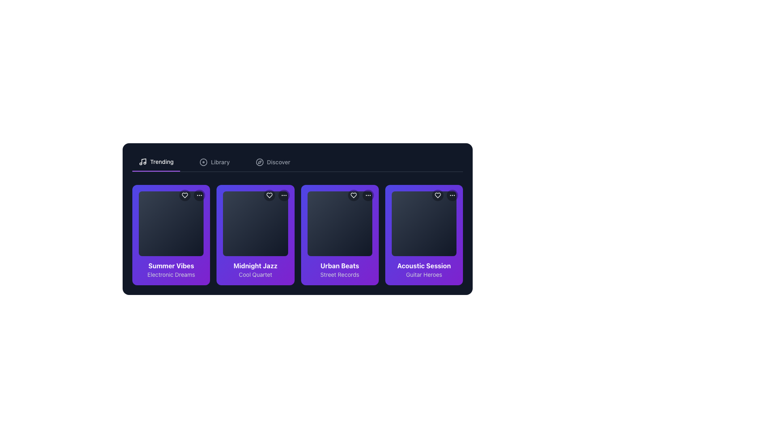  What do you see at coordinates (185, 195) in the screenshot?
I see `the rounded button with a heart icon in the top-right corner of the 'Summer Vibes' card` at bounding box center [185, 195].